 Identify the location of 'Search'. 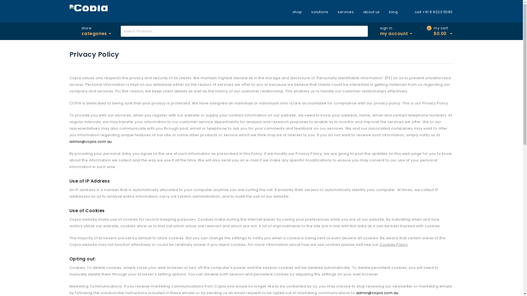
(362, 31).